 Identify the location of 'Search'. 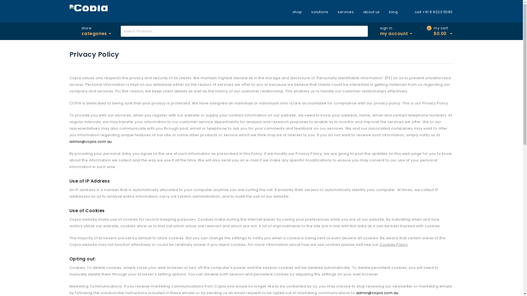
(362, 31).